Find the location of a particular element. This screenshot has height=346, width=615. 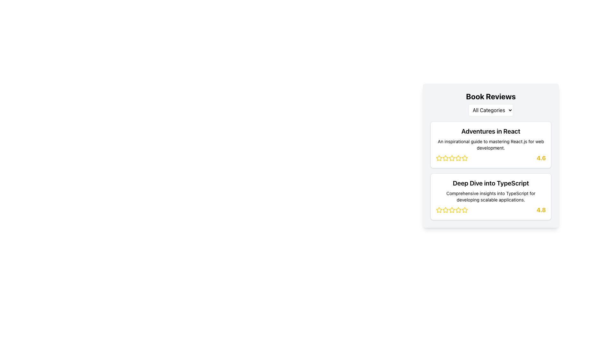

the first star icon in the star rating component for the book 'Adventures in React' to indicate a rating is located at coordinates (439, 158).